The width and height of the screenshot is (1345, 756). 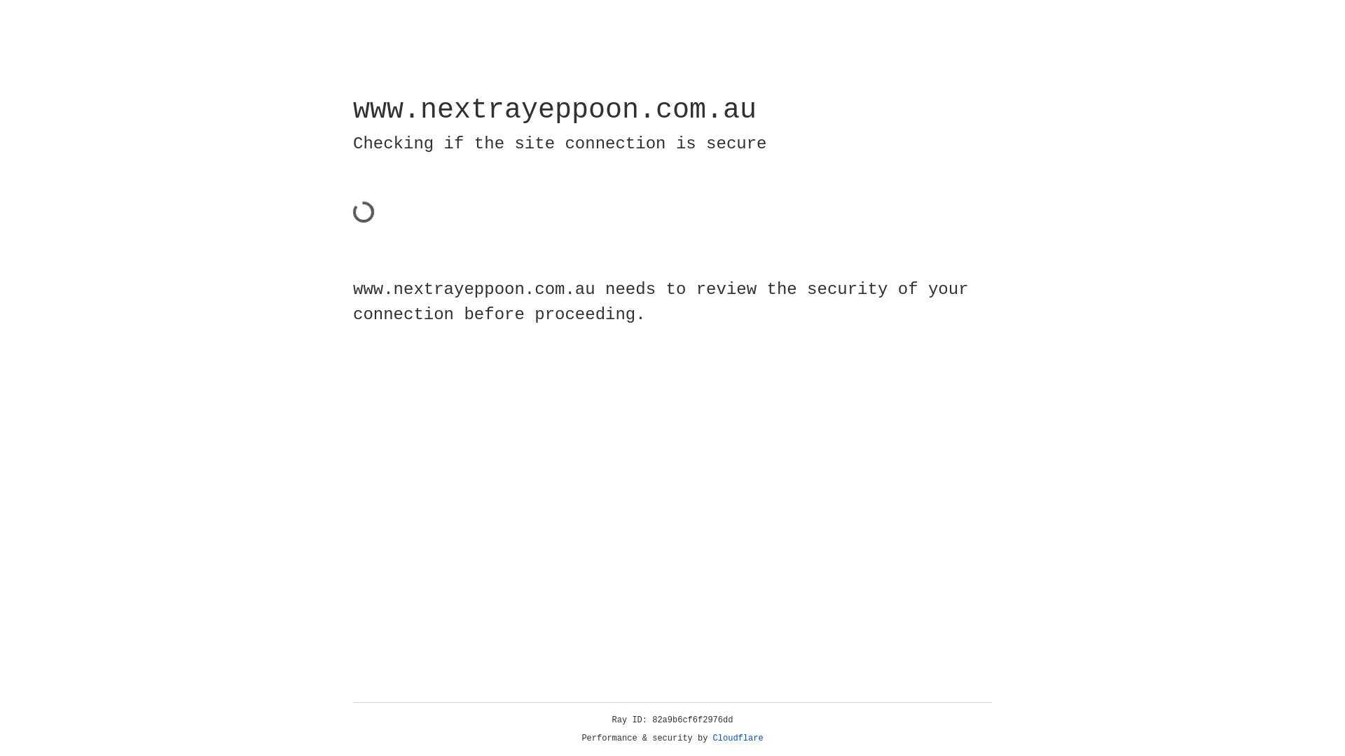 I want to click on 'Cloudflare', so click(x=738, y=738).